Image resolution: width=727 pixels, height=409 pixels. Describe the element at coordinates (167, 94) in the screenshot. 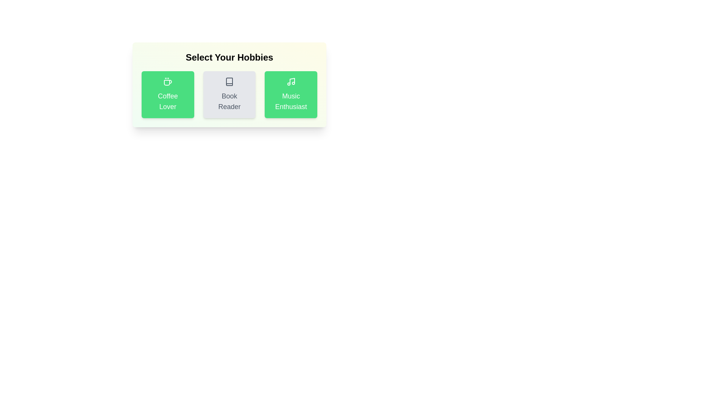

I see `the hobby button corresponding to Coffee Lover` at that location.